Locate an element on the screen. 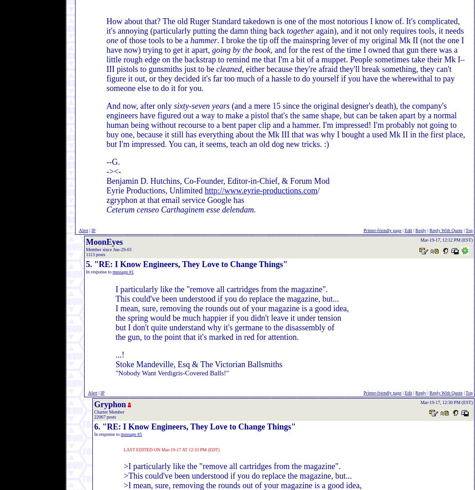 This screenshot has width=475, height=490. 'message #1' is located at coordinates (112, 271).